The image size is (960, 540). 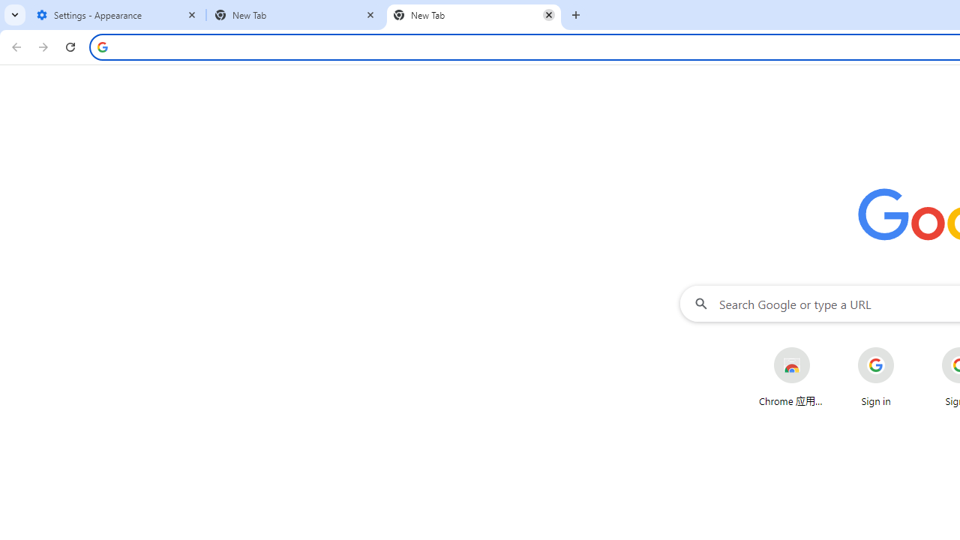 I want to click on 'More actions for Sign in shortcut', so click(x=905, y=348).